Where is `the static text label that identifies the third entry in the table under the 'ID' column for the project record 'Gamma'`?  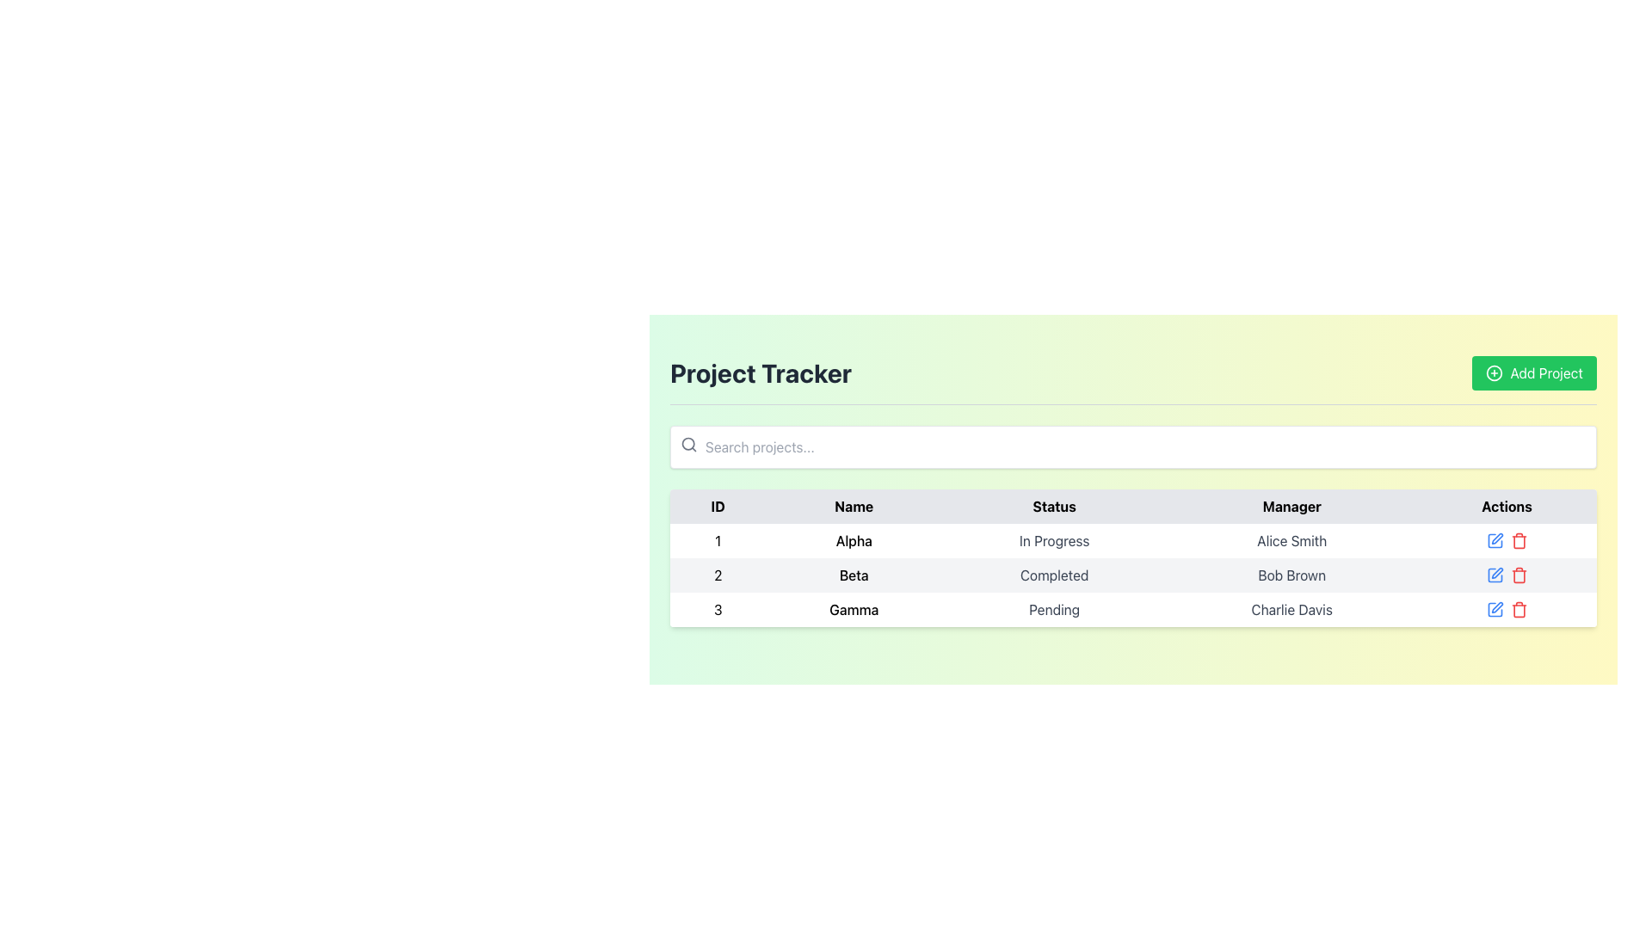
the static text label that identifies the third entry in the table under the 'ID' column for the project record 'Gamma' is located at coordinates (718, 609).